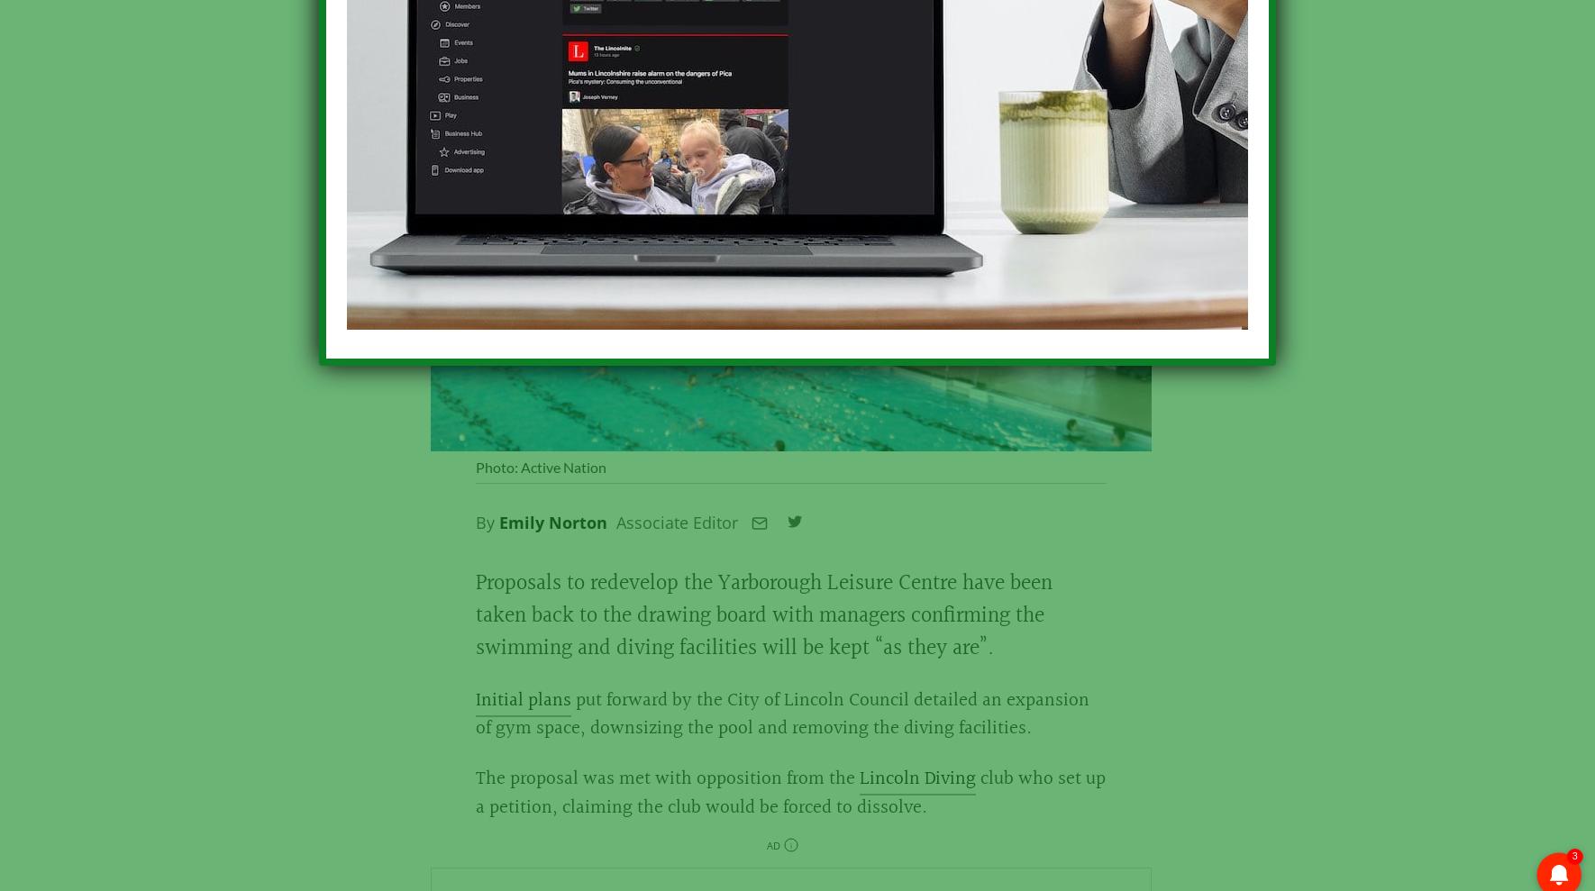  I want to click on 'club who set up a petition, claiming the club would be forced to dissolve.', so click(474, 803).